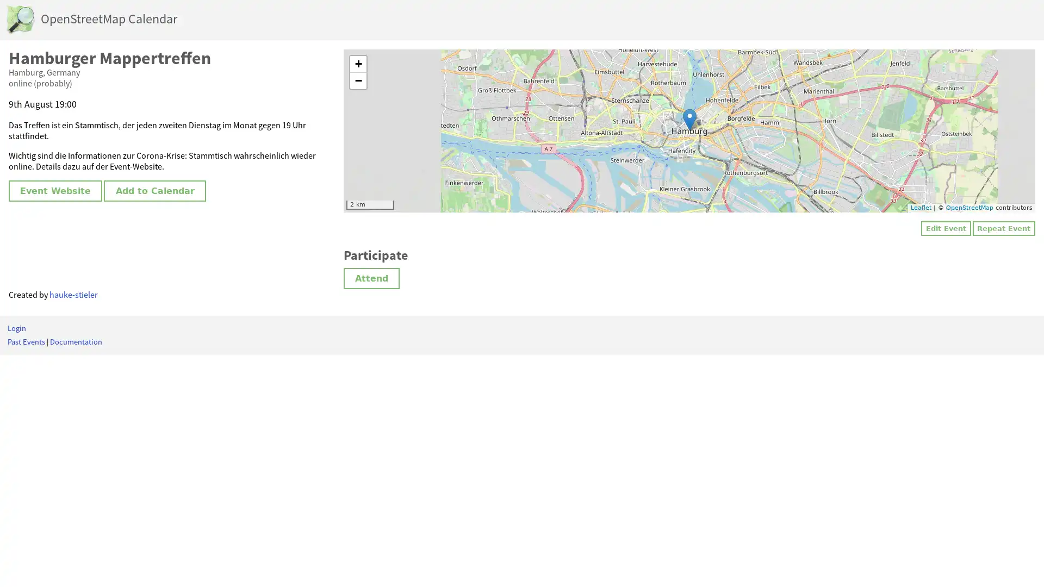 This screenshot has width=1044, height=587. What do you see at coordinates (1003, 228) in the screenshot?
I see `Repeat Event` at bounding box center [1003, 228].